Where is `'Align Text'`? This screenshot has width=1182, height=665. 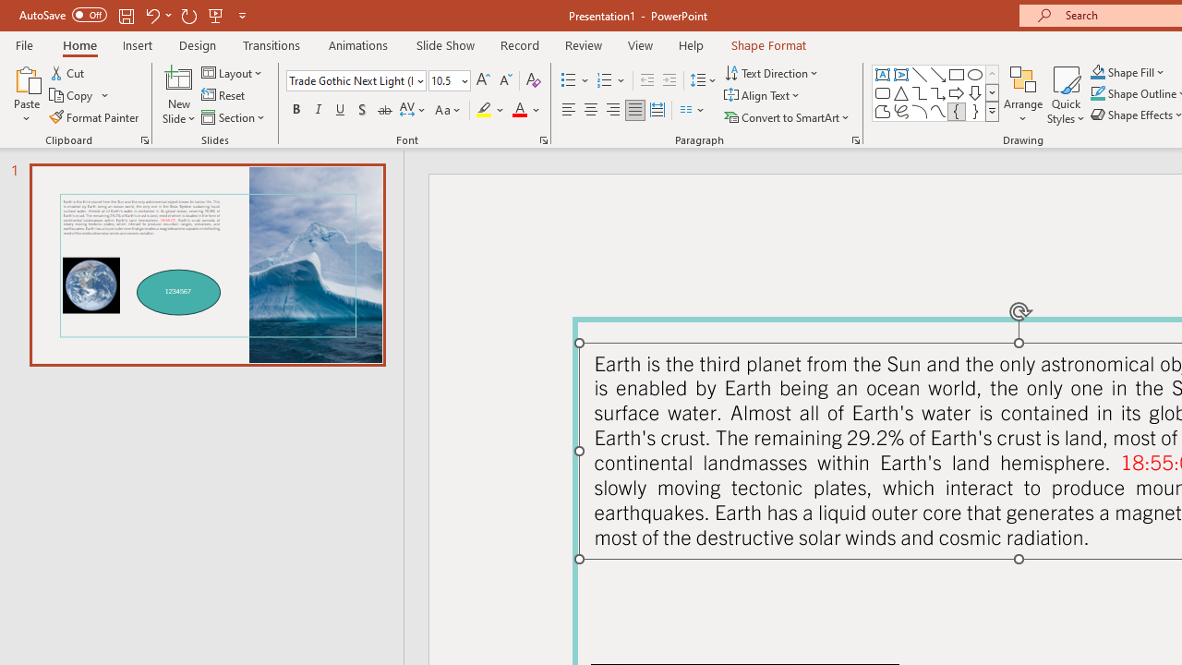
'Align Text' is located at coordinates (763, 95).